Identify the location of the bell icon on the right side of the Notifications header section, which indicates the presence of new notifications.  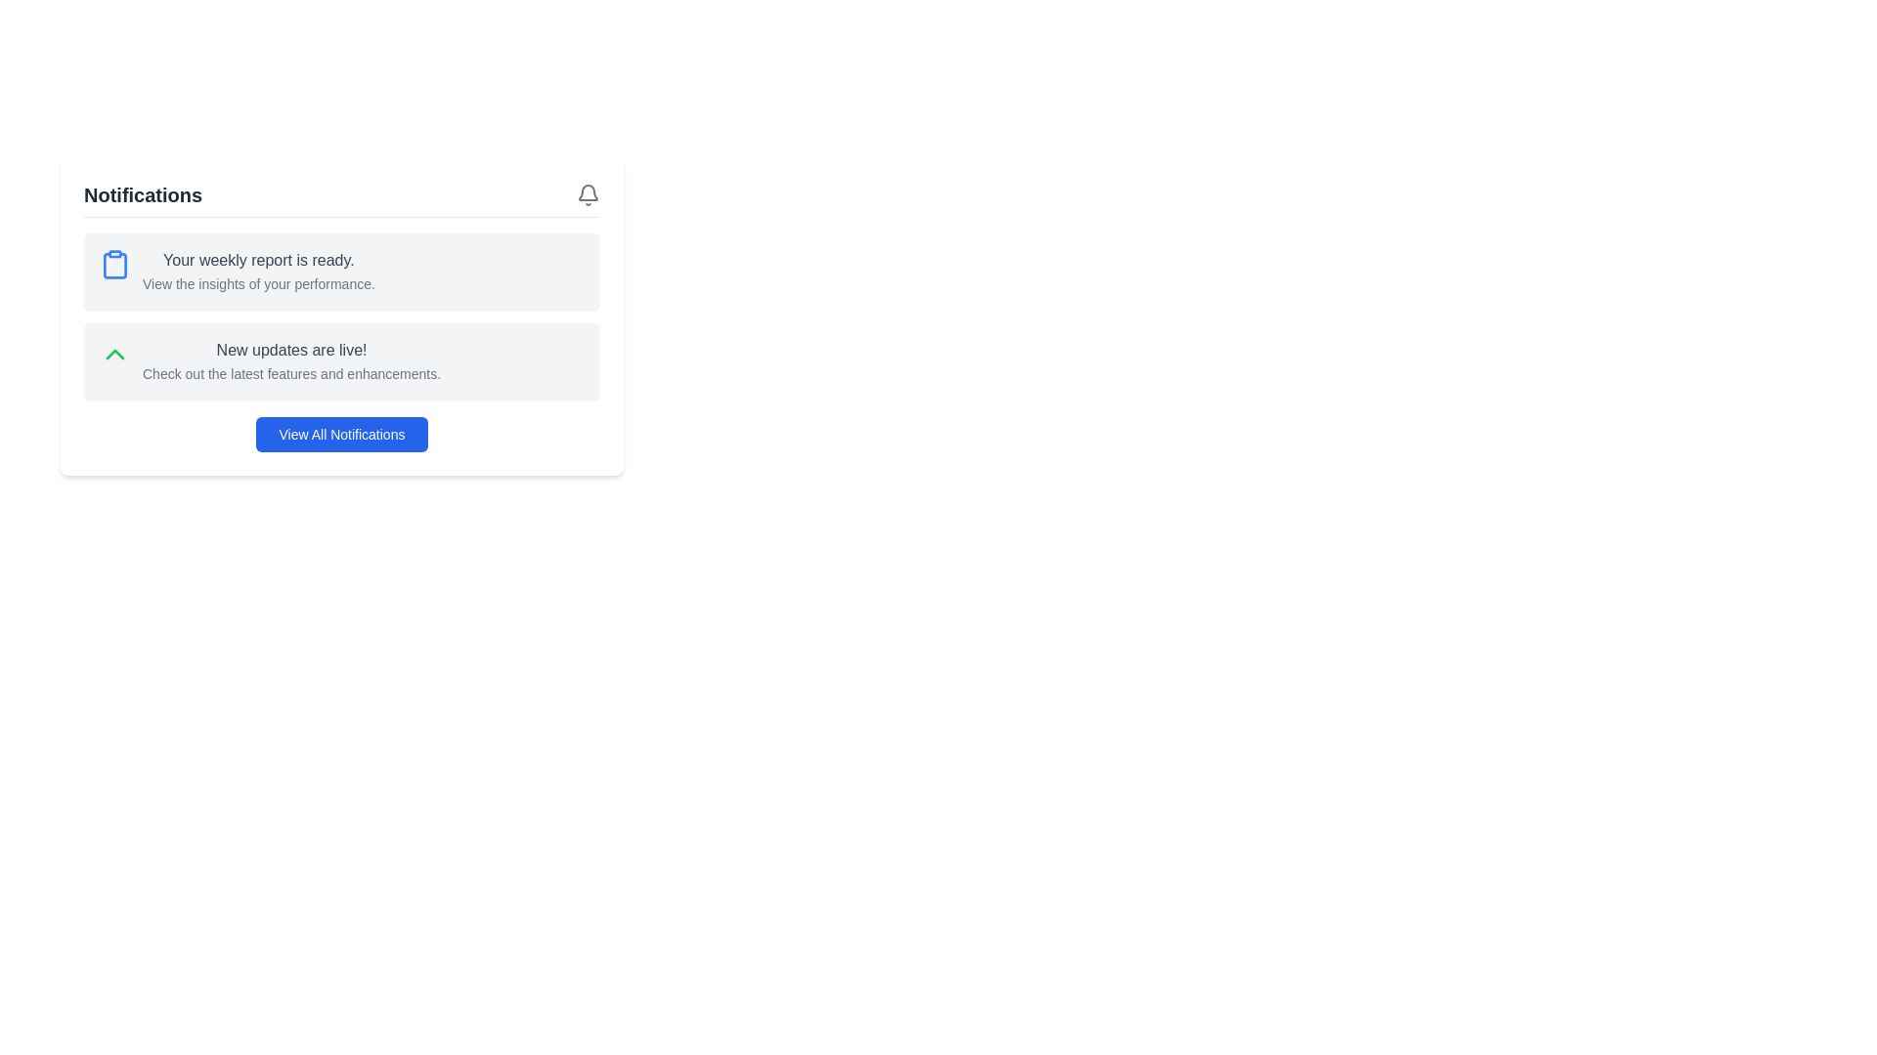
(342, 199).